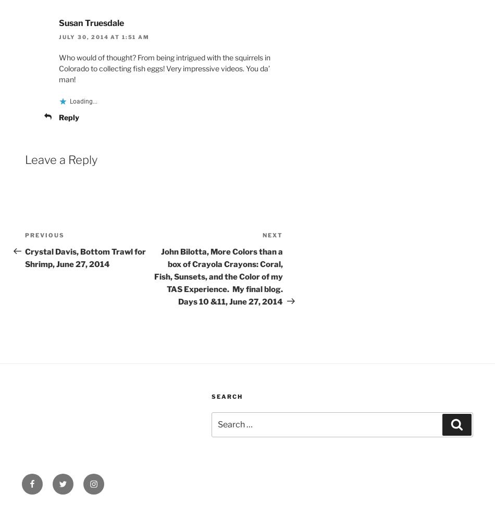 The height and width of the screenshot is (506, 495). Describe the element at coordinates (85, 258) in the screenshot. I see `'Crystal Davis, Bottom Trawl for Shrimp, June 27, 2014'` at that location.